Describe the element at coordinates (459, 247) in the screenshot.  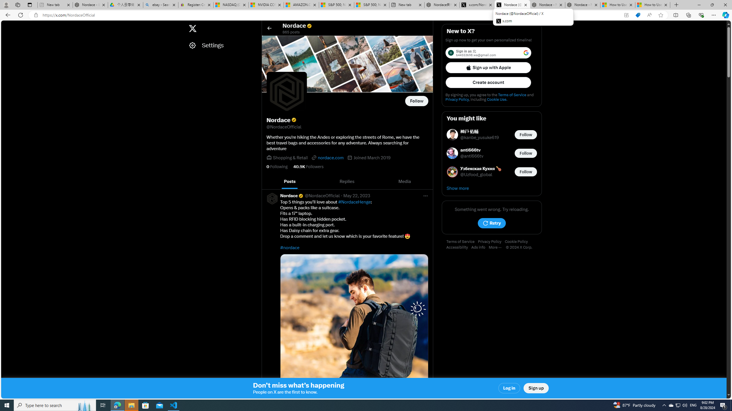
I see `'Accessibility'` at that location.